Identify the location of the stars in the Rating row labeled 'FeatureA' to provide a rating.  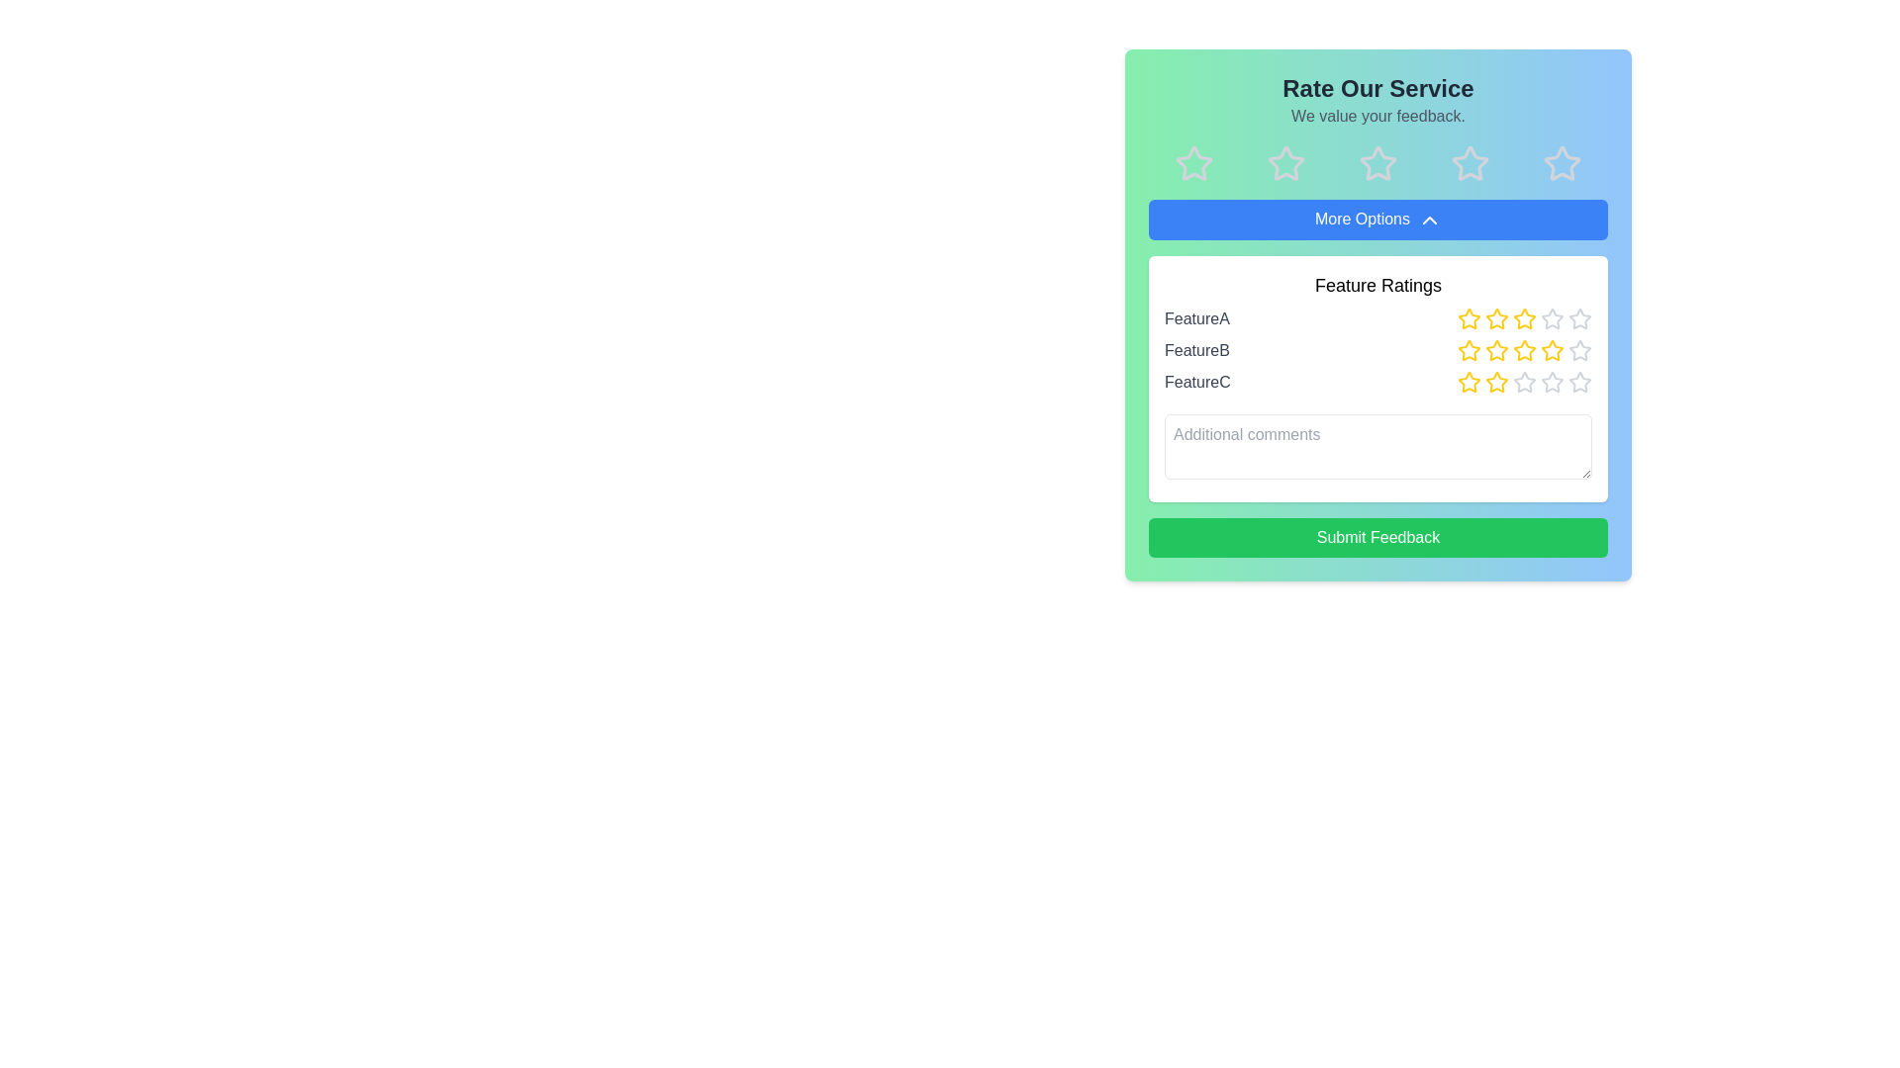
(1377, 316).